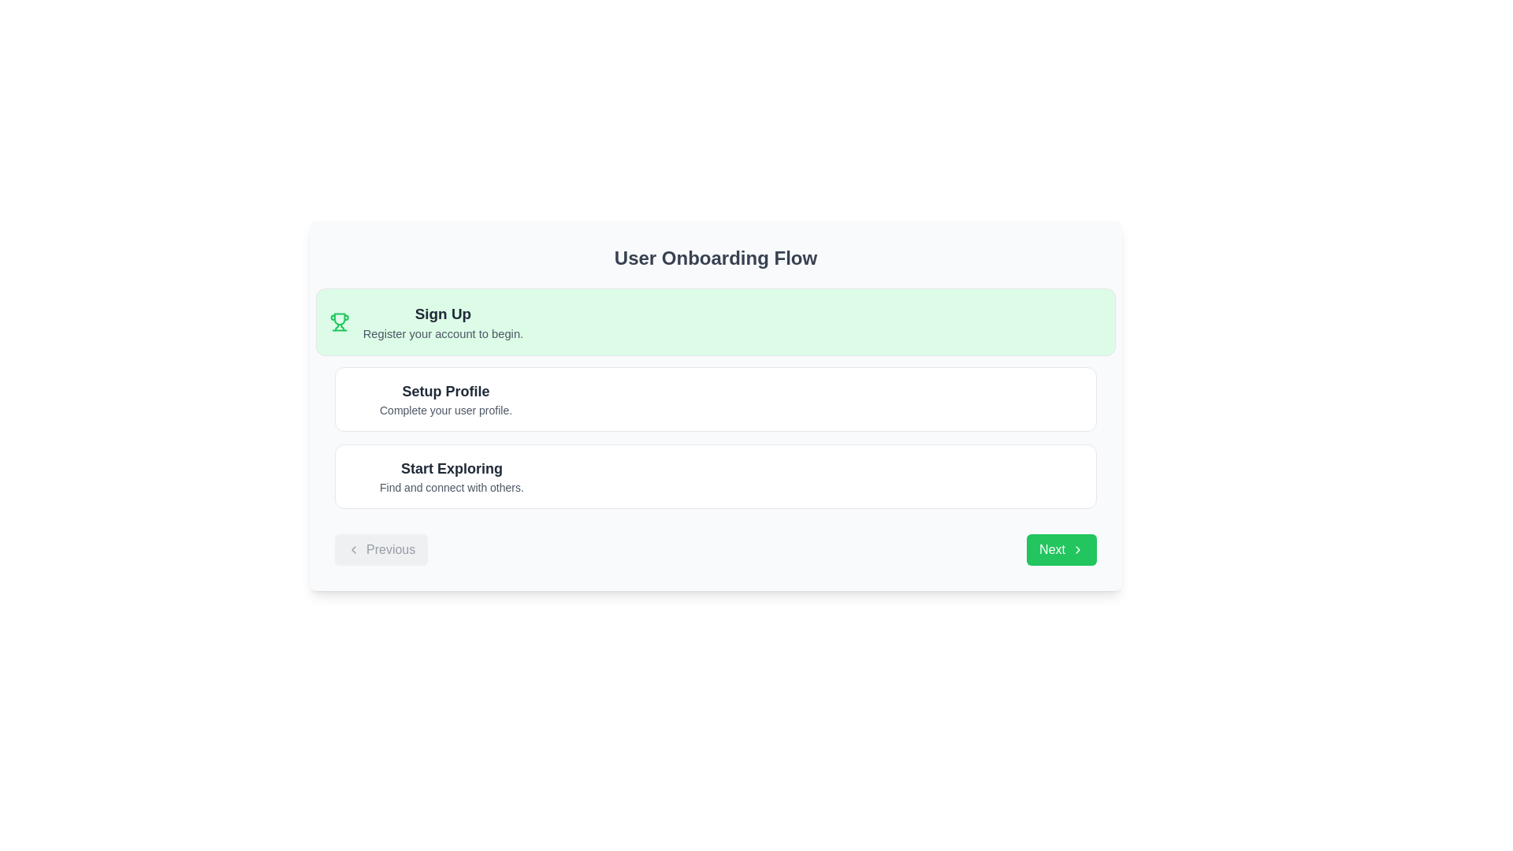 Image resolution: width=1513 pixels, height=851 pixels. Describe the element at coordinates (445, 391) in the screenshot. I see `the Label/Heading text that introduces the profile setup process, located below the 'Sign Up' section and above the subtitle 'Complete your user profile.'` at that location.